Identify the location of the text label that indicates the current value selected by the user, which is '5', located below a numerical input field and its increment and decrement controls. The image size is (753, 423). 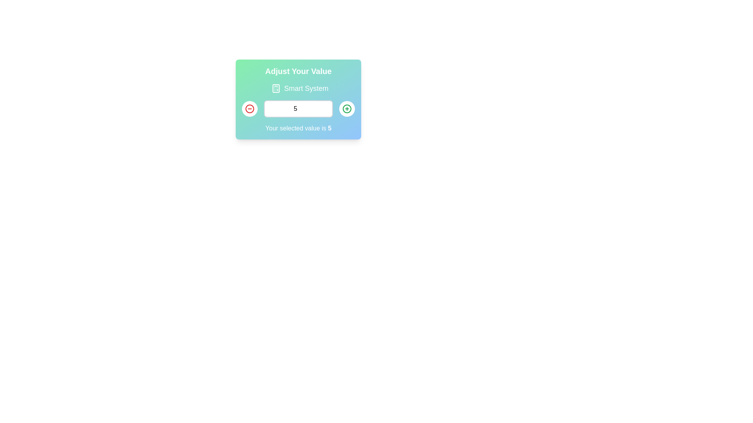
(298, 128).